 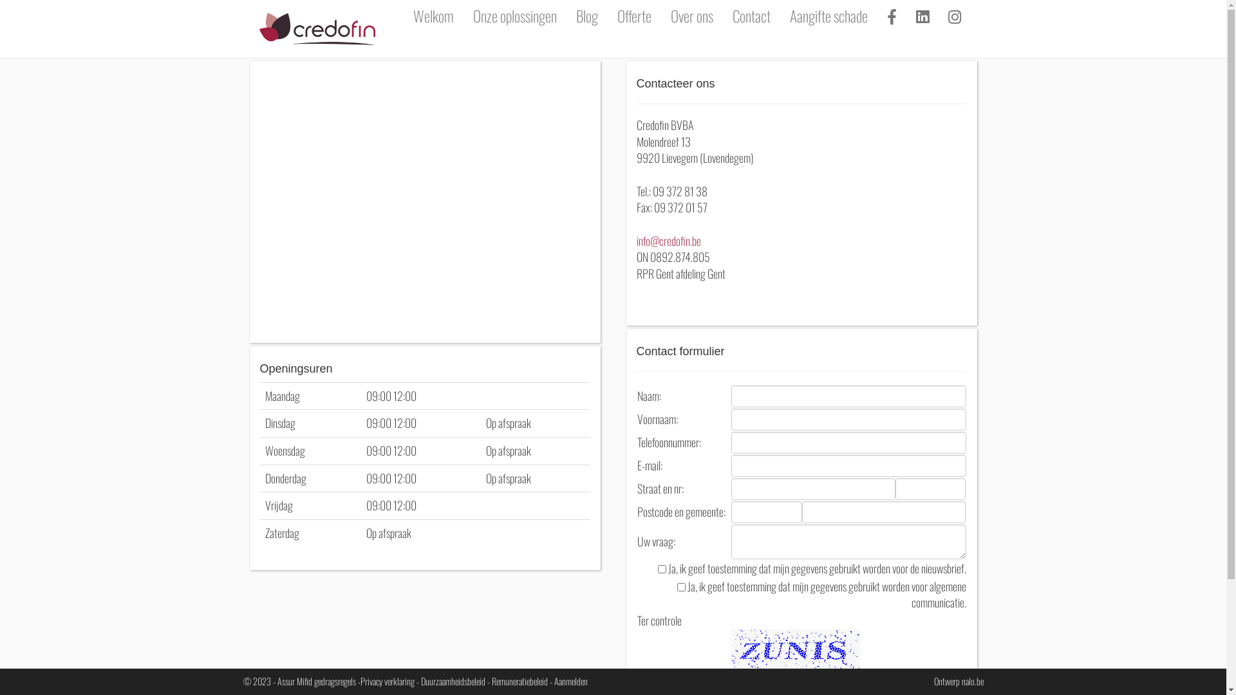 I want to click on 'Aanmelden', so click(x=570, y=680).